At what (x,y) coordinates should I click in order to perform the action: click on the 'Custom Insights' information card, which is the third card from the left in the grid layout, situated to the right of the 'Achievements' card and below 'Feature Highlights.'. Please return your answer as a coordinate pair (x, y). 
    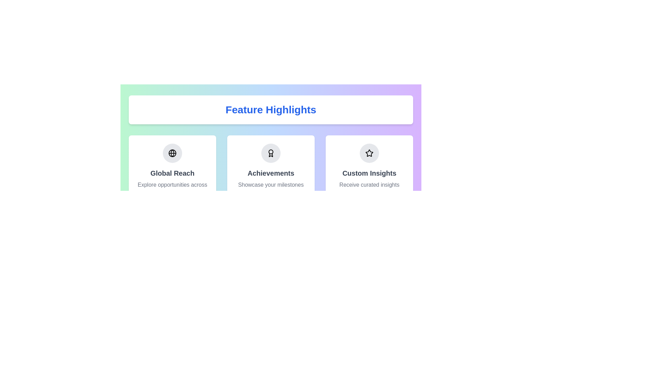
    Looking at the image, I should click on (369, 174).